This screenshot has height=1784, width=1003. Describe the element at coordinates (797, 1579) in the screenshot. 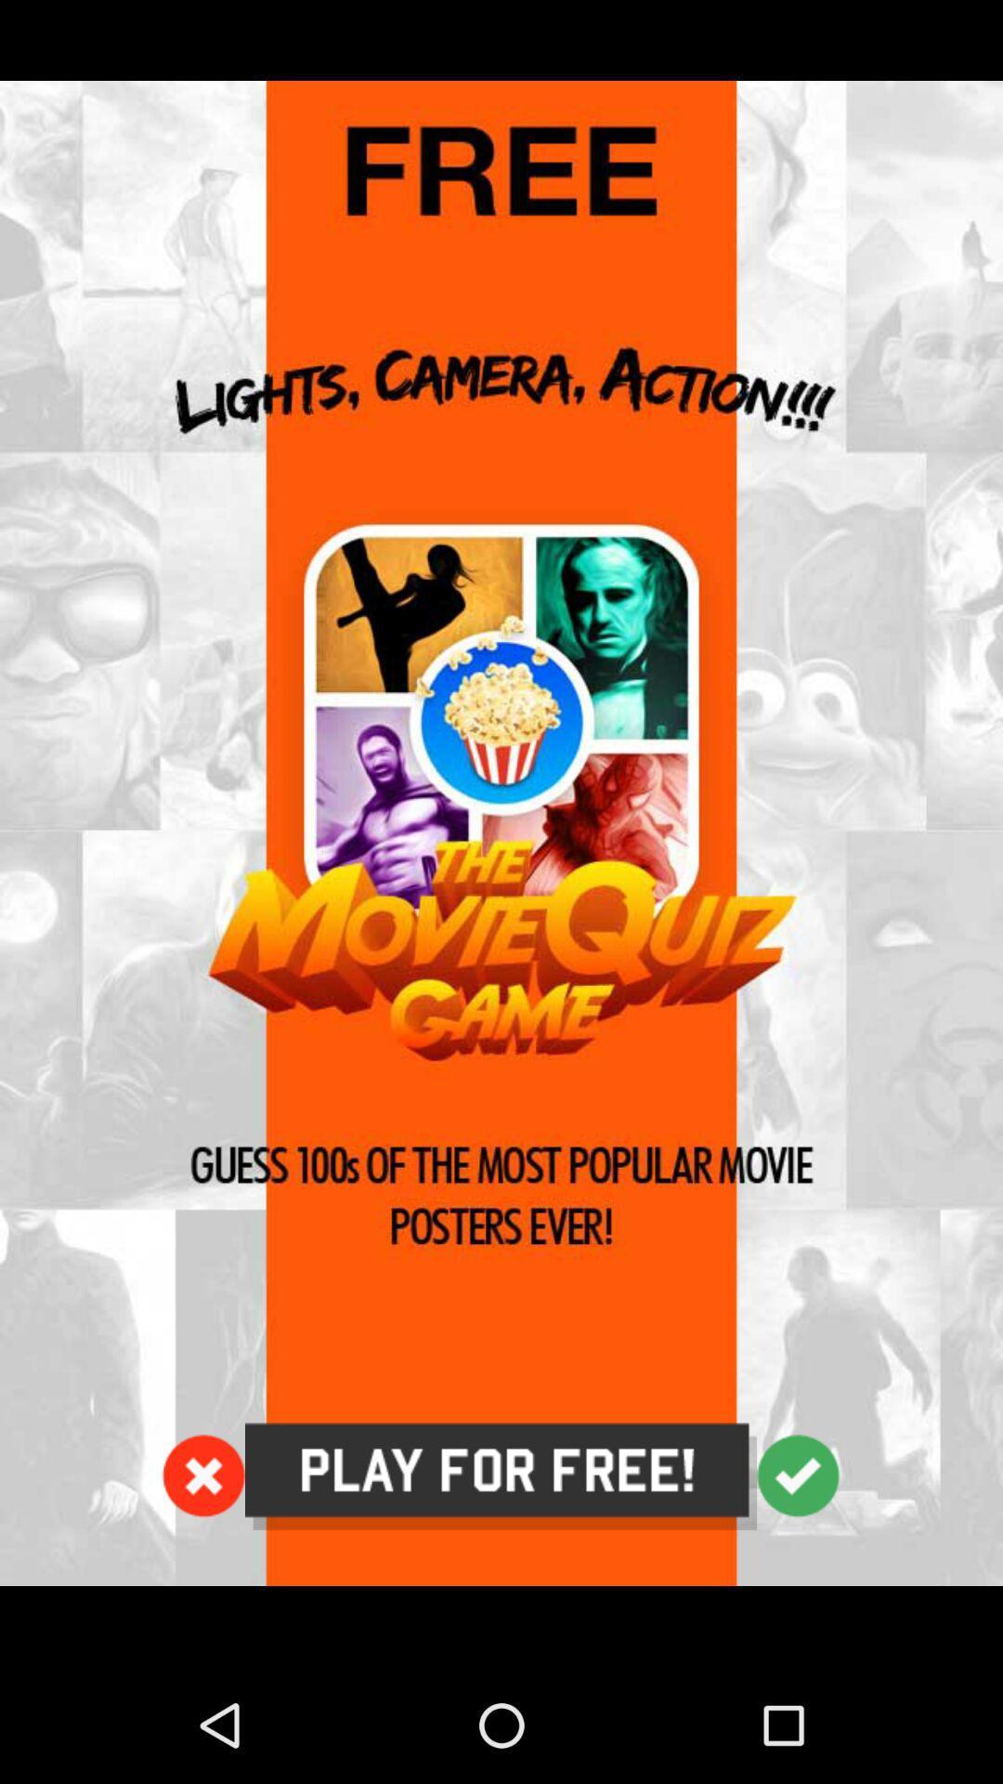

I see `the check icon` at that location.